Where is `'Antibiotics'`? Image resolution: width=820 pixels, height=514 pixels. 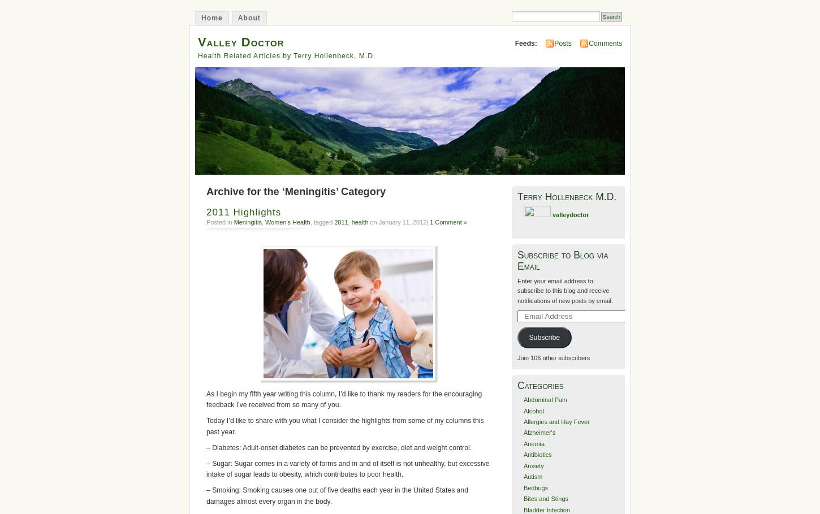
'Antibiotics' is located at coordinates (537, 454).